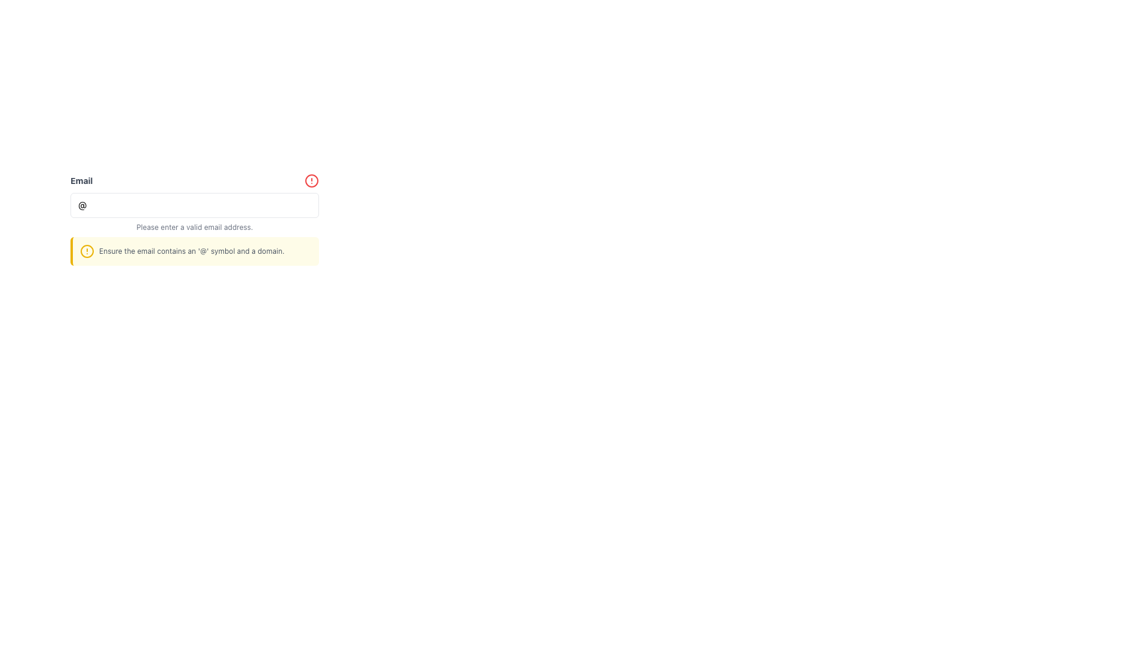  What do you see at coordinates (312, 181) in the screenshot?
I see `the error or warning icon located to the right of the 'Email' label at the top of the form` at bounding box center [312, 181].